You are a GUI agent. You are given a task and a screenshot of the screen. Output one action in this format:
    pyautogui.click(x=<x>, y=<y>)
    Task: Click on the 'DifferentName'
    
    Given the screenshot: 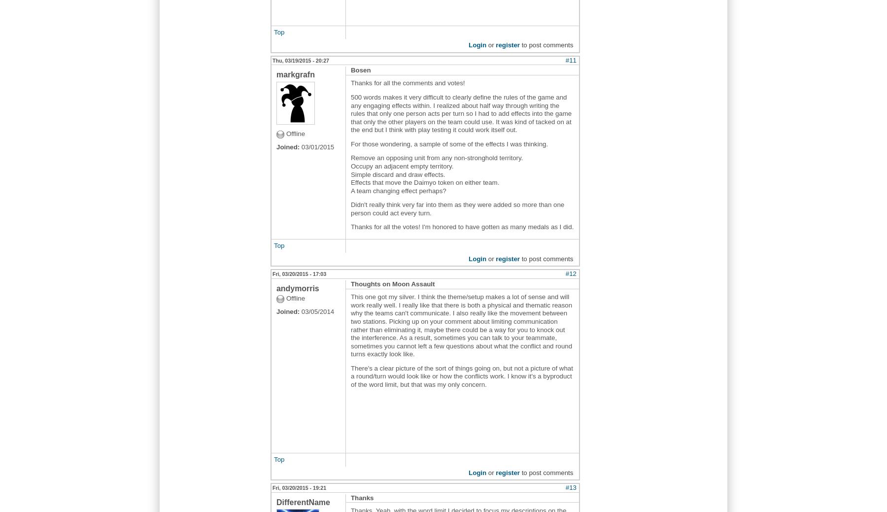 What is the action you would take?
    pyautogui.click(x=303, y=502)
    